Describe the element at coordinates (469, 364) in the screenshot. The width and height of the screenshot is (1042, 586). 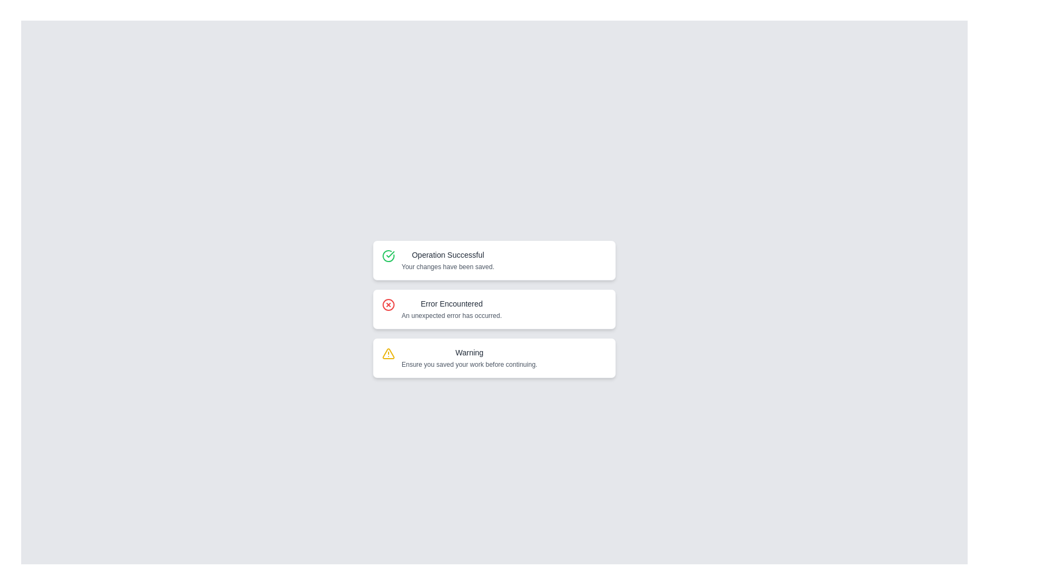
I see `the informational Text label located in the lower section of the UI within the 'Warning' card, positioned under the 'Warning' label` at that location.